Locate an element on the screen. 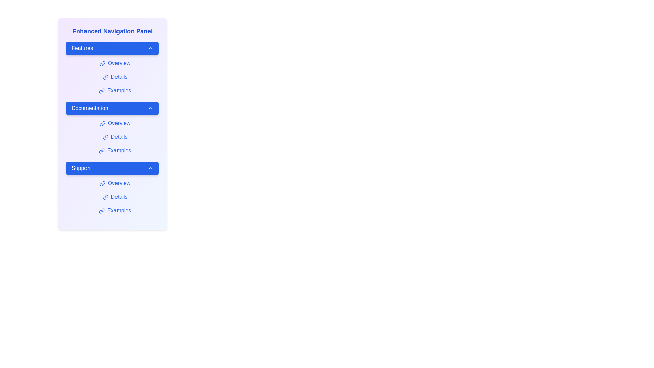 This screenshot has width=654, height=368. the link icon with a curved design located in the 'Documentation' section, adjacent to the text 'Examples' is located at coordinates (100, 151).